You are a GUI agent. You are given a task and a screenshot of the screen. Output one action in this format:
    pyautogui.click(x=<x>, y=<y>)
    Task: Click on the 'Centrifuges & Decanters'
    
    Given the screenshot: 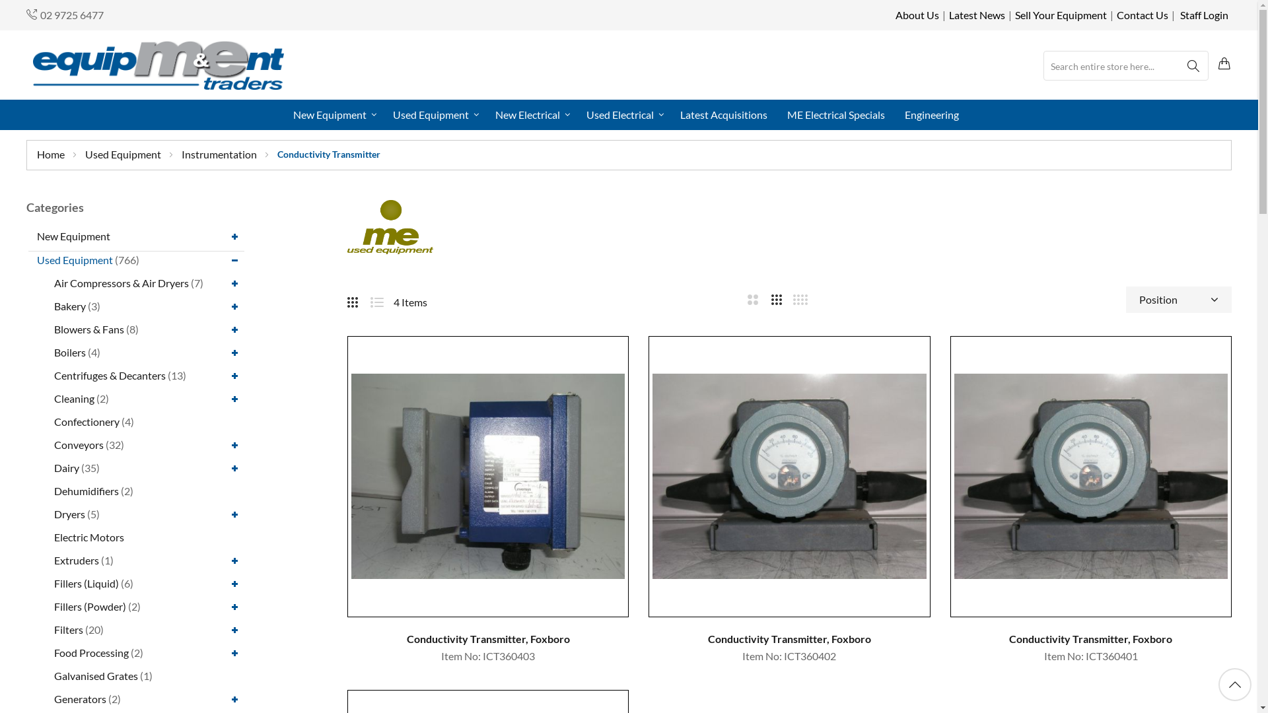 What is the action you would take?
    pyautogui.click(x=110, y=374)
    